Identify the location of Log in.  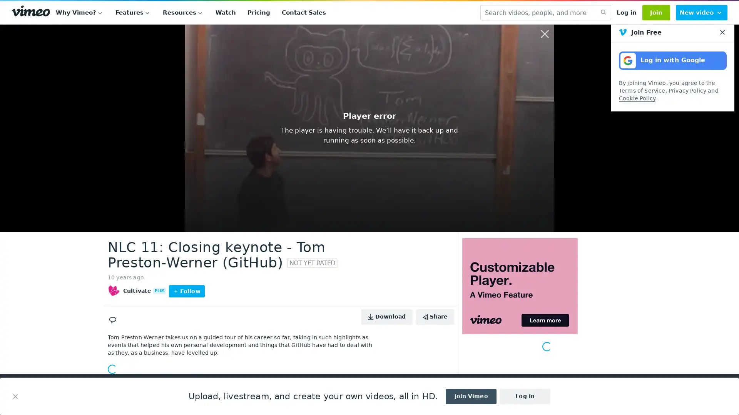
(626, 13).